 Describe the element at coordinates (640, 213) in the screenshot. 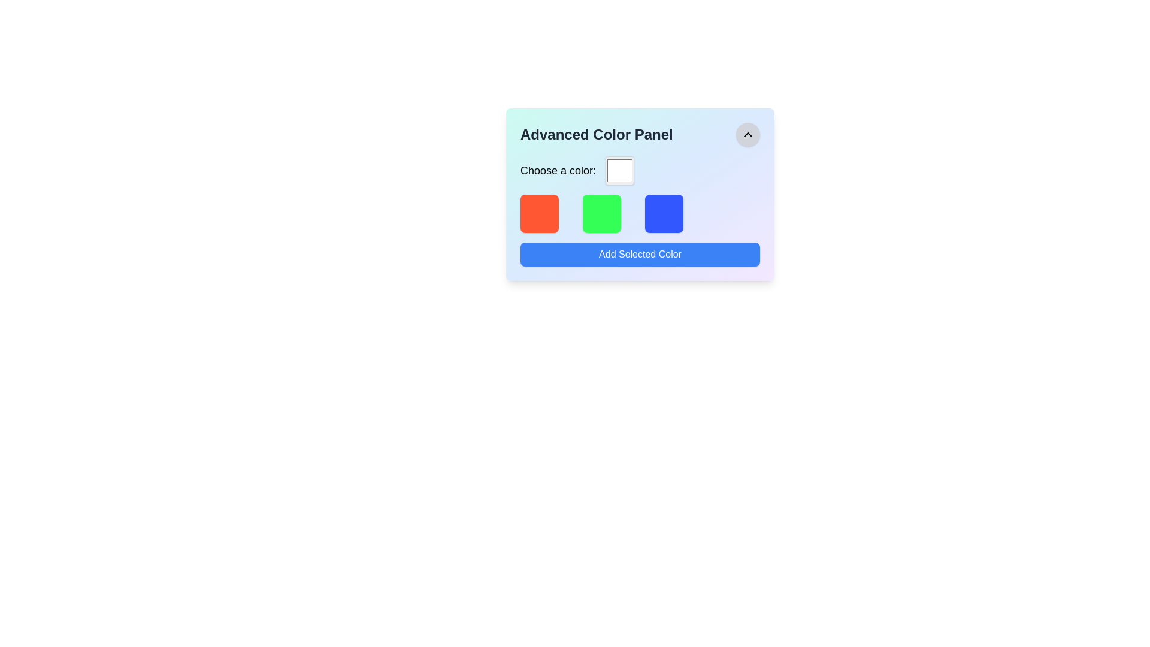

I see `the color selection grid located beneath the text 'Choose a color:' in the 'Advanced Color Panel'` at that location.